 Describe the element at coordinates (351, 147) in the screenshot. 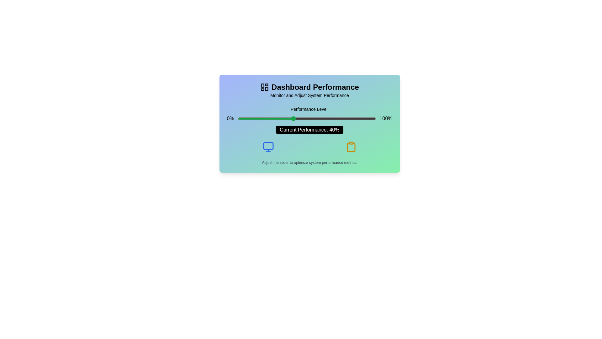

I see `the icon labeled Clipboard below the slider` at that location.